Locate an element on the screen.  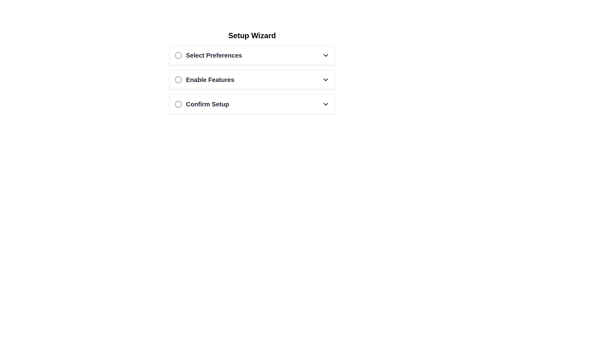
the 'Confirm Setup' text label, which is styled in bold dark gray and is the last item in a vertical list of options is located at coordinates (207, 104).